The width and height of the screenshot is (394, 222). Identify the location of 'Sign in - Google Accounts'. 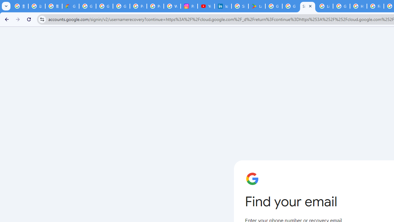
(308, 6).